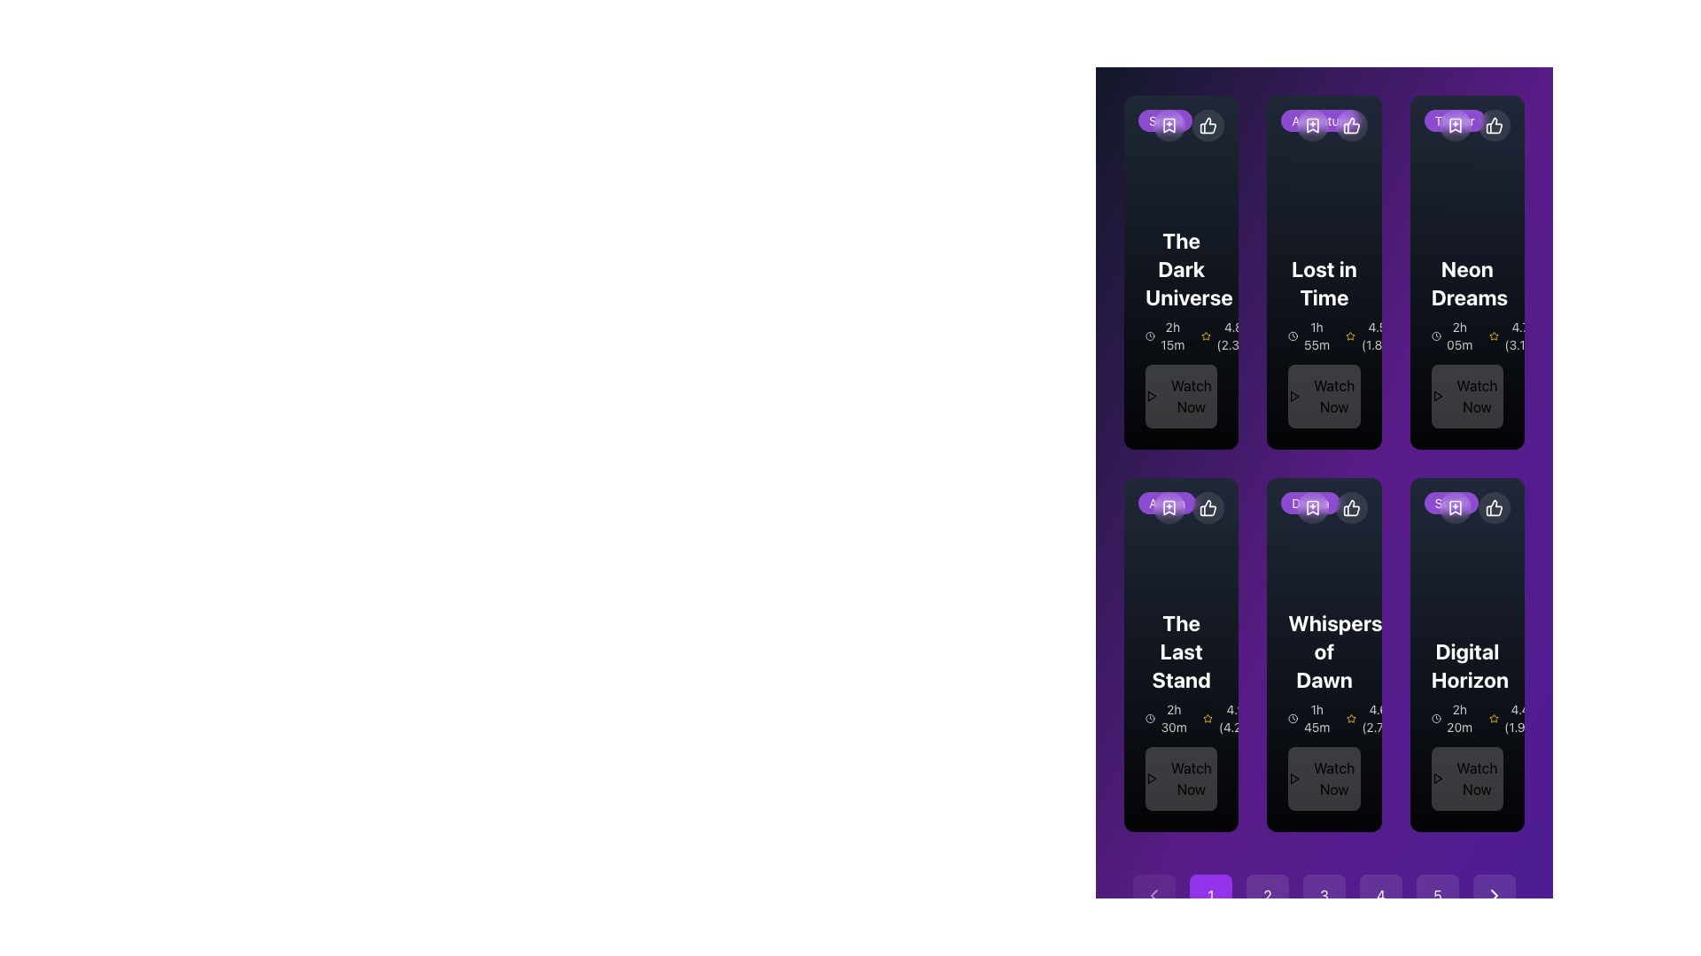 The height and width of the screenshot is (956, 1701). I want to click on the clickable card for a specific movie or show located in the sixth position of a 2x3 grid layout, so click(1467, 655).